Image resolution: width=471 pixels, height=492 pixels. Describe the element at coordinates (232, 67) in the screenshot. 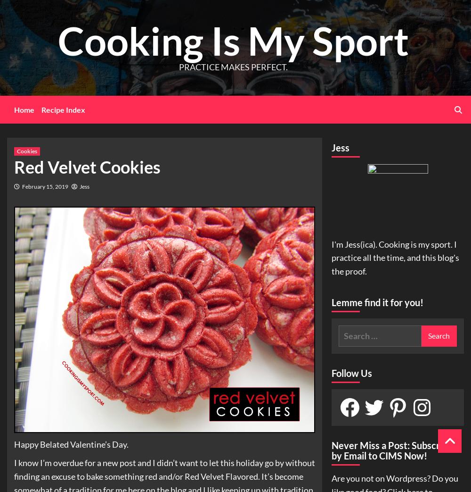

I see `'Practice makes perfect.'` at that location.